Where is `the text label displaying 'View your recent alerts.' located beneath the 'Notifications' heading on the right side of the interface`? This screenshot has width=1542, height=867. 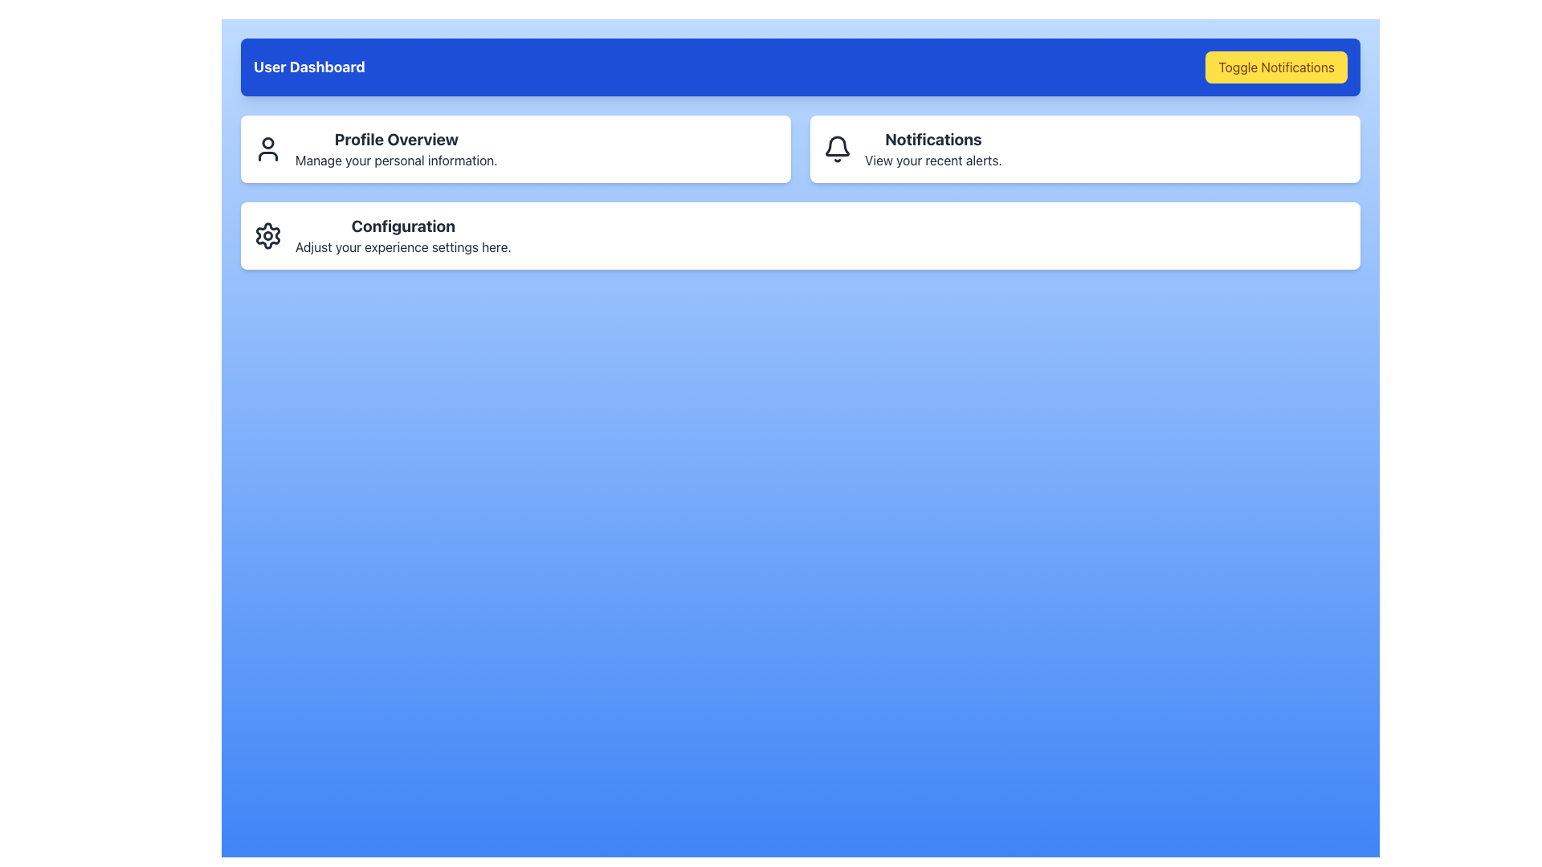 the text label displaying 'View your recent alerts.' located beneath the 'Notifications' heading on the right side of the interface is located at coordinates (933, 161).